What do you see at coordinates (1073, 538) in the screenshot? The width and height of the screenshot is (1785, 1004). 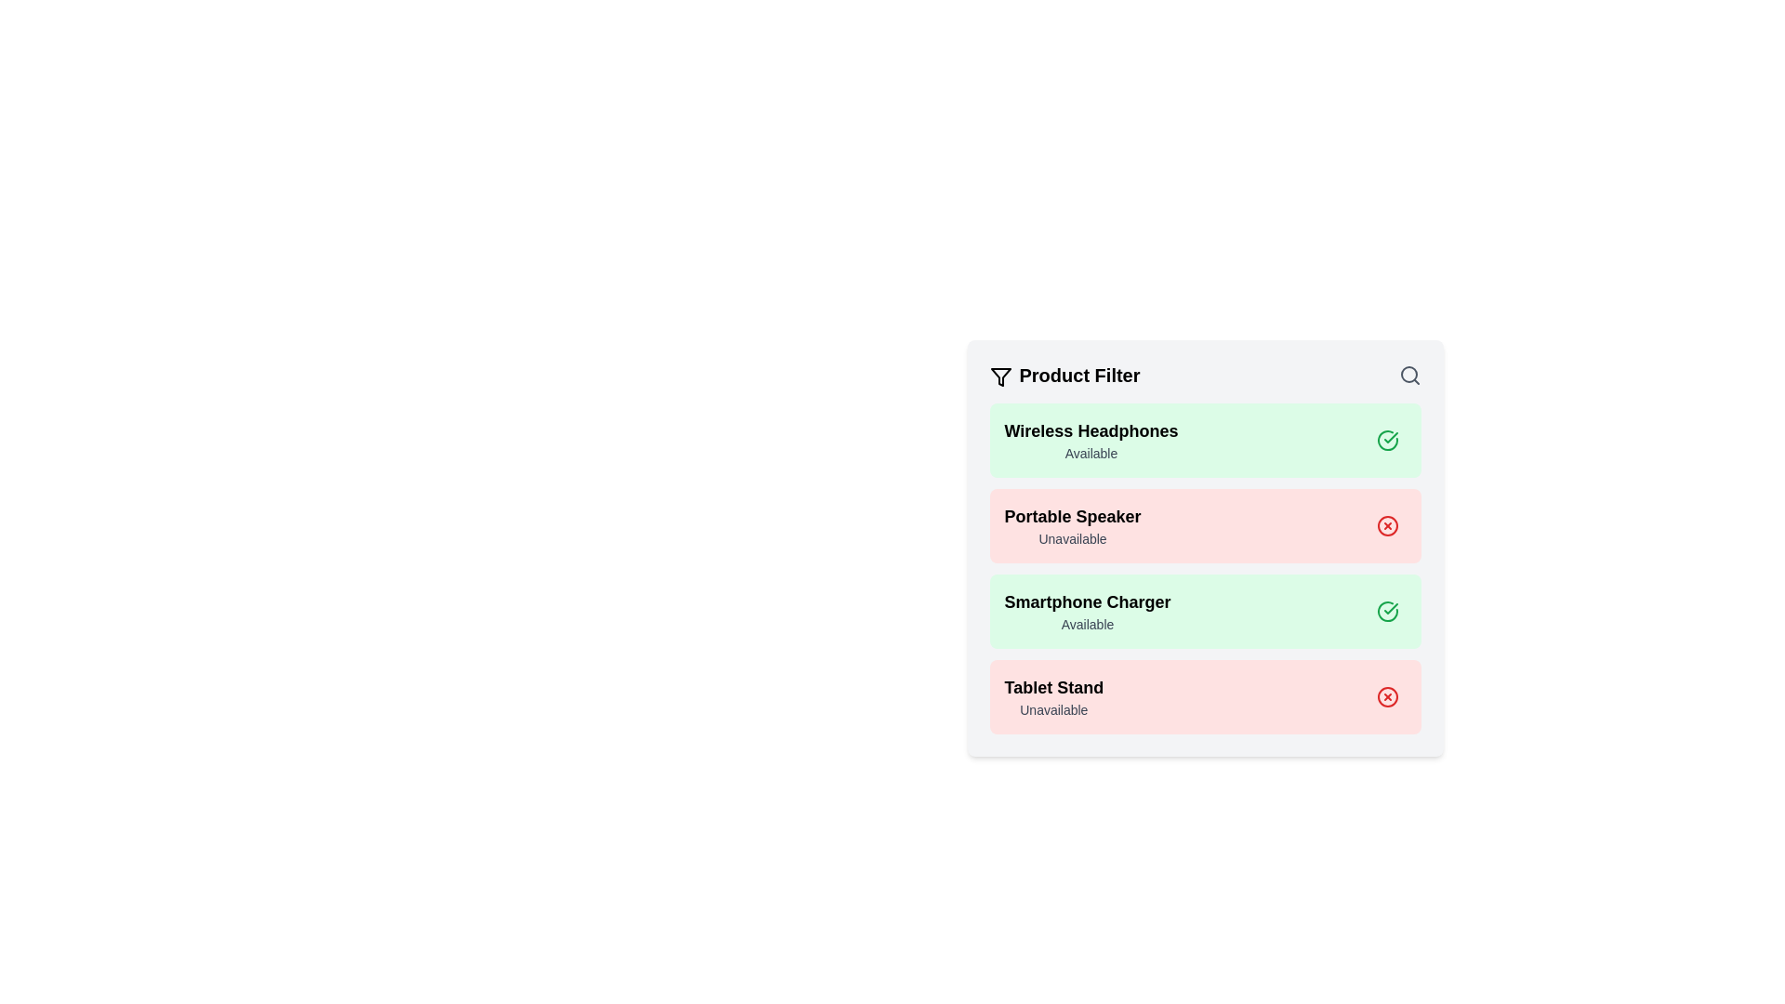 I see `the status indicator text label that notifies users that the product 'Portable Speaker' is currently not available, located below the title text 'Portable Speaker' in the 'Product Filter' list` at bounding box center [1073, 538].